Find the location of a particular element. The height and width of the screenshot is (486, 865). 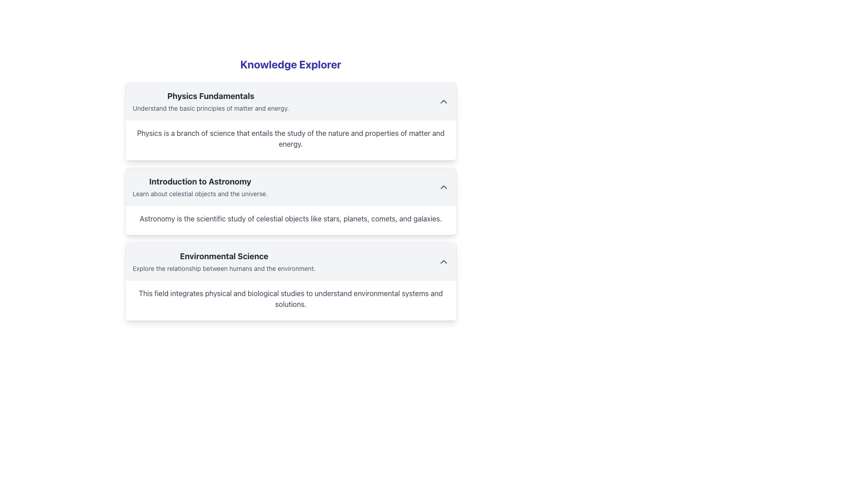

the first Informational Card for 'Physics Fundamentals' located in the 'Knowledge Explorer' section, which is directly above the 'Introduction to Astronomy' card is located at coordinates (291, 121).